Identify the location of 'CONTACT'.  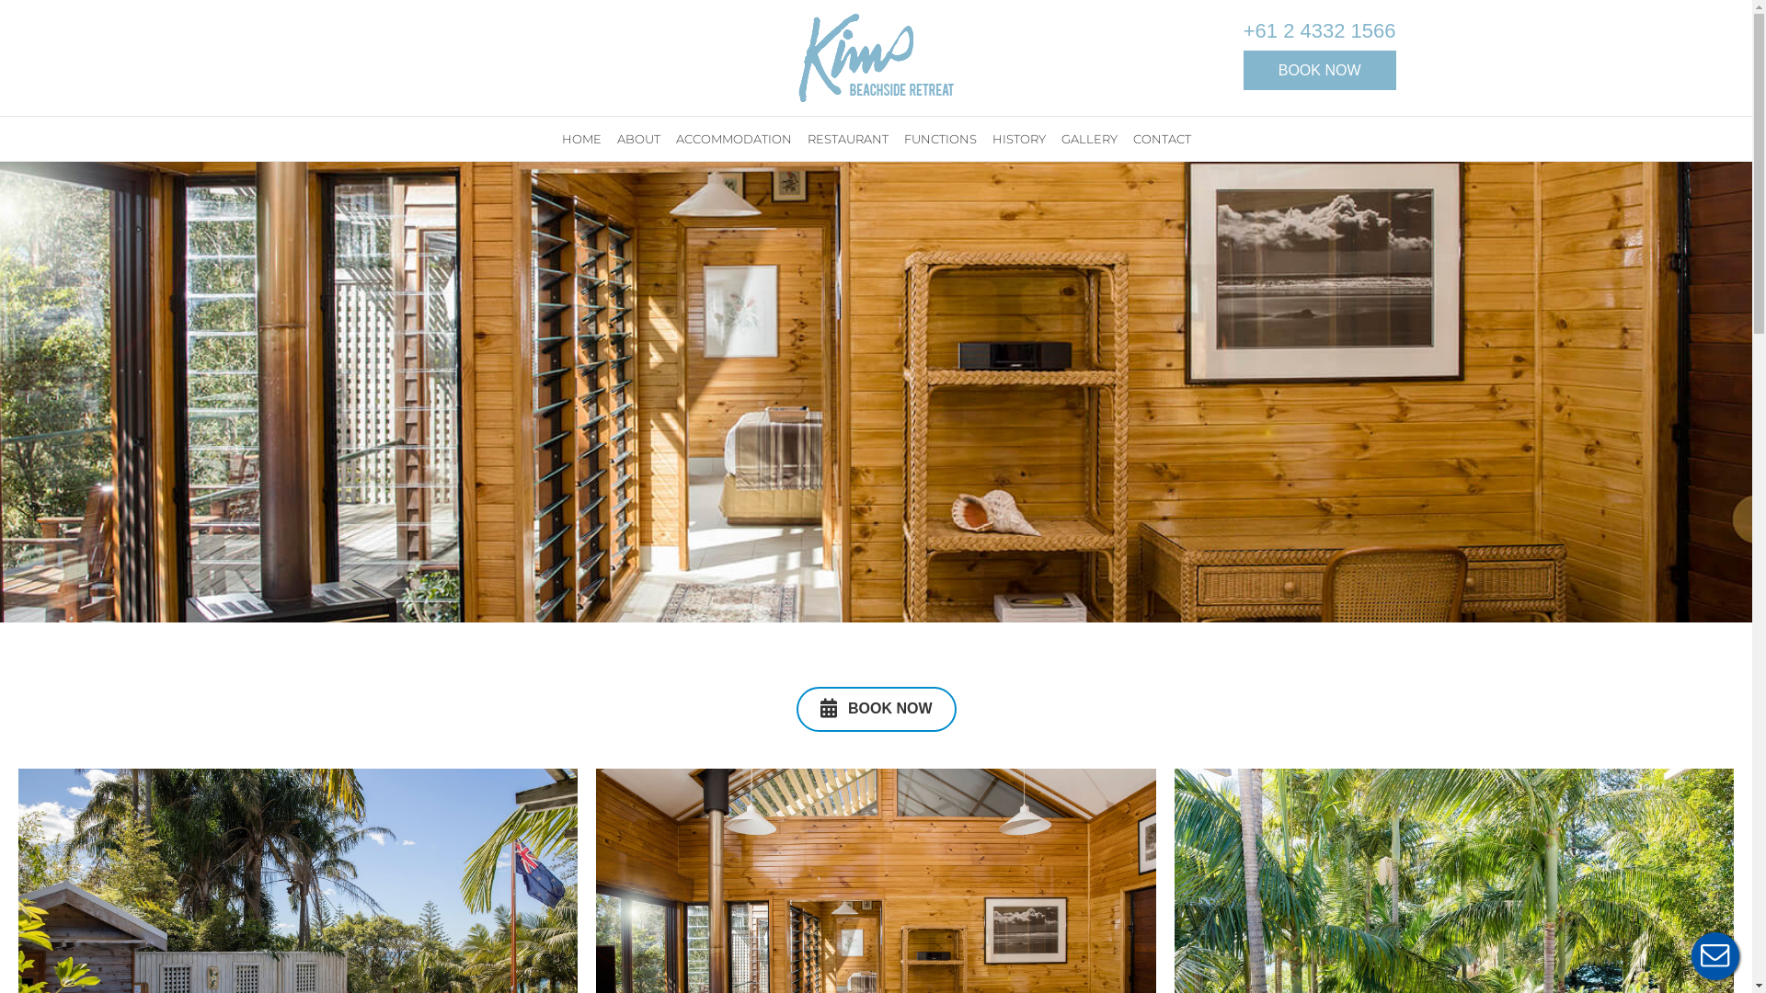
(1160, 137).